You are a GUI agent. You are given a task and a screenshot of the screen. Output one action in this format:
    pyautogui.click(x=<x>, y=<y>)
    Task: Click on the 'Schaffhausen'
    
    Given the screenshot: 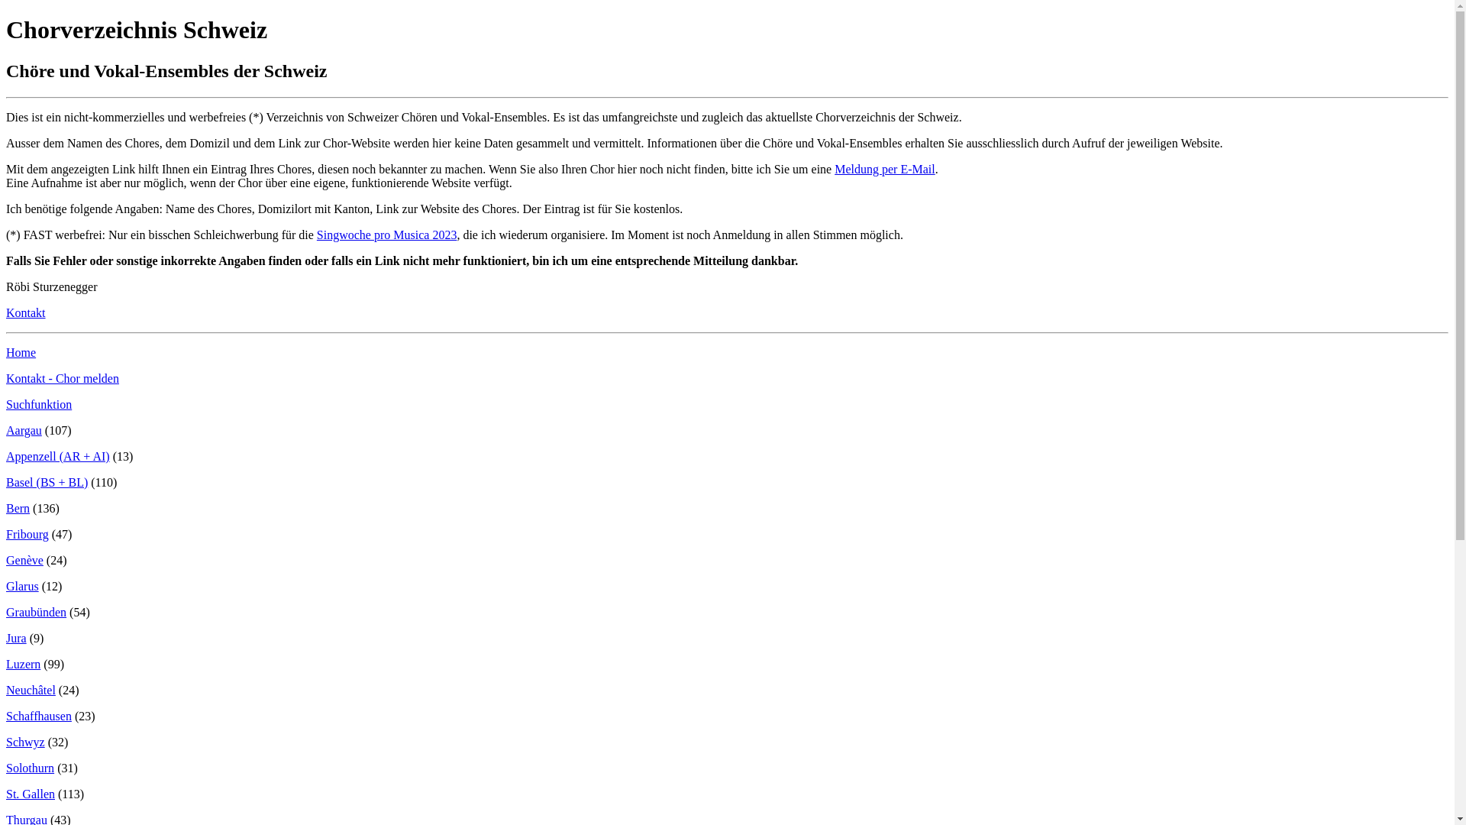 What is the action you would take?
    pyautogui.click(x=39, y=716)
    